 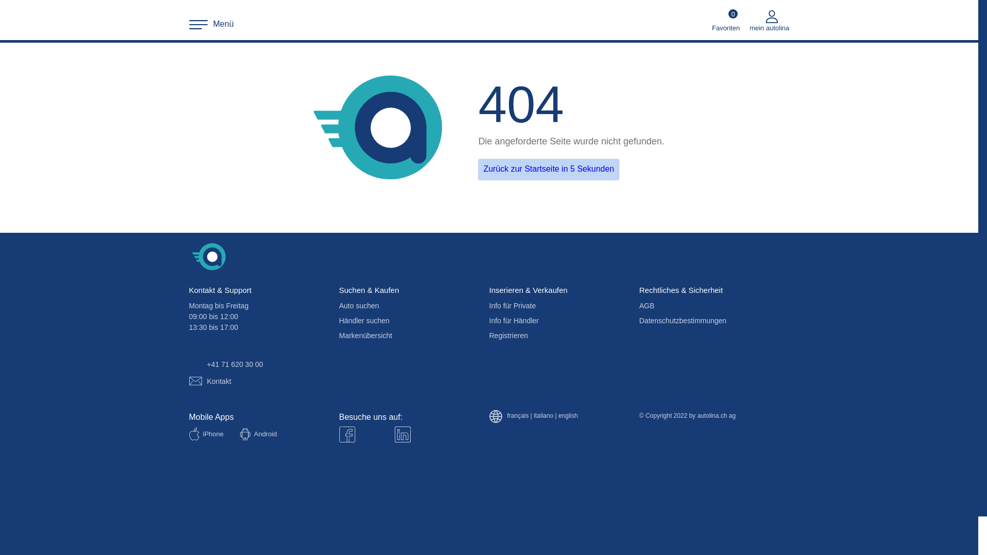 What do you see at coordinates (567, 416) in the screenshot?
I see `'english'` at bounding box center [567, 416].